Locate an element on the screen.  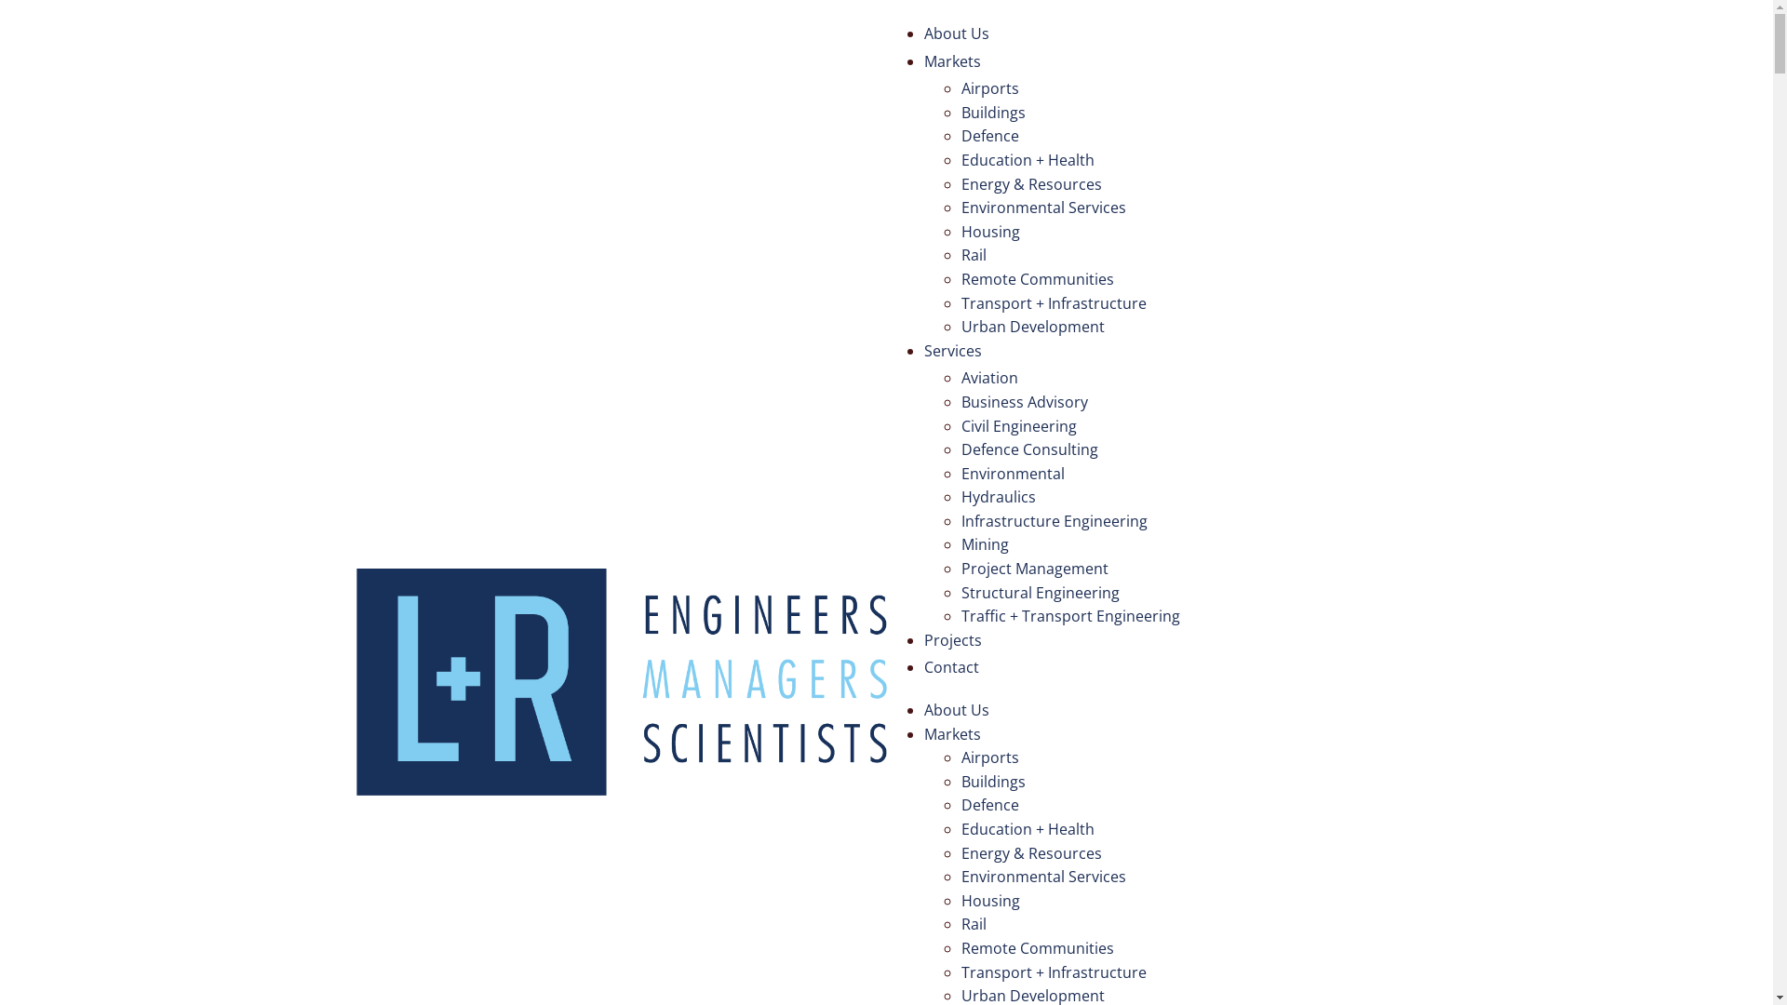
'Hydraulics' is located at coordinates (996, 495).